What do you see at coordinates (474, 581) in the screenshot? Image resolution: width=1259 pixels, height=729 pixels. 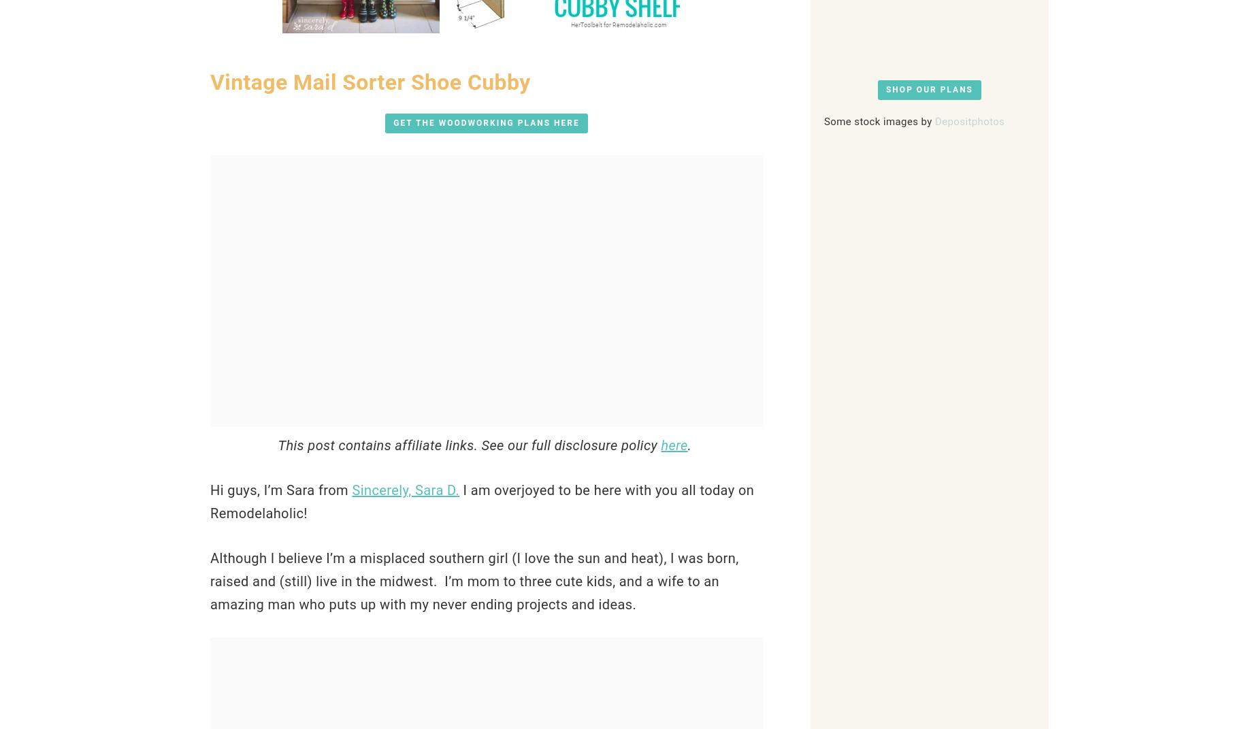 I see `'Although I believe I’m a misplaced southern girl (I love the sun and heat), I was born, raised and (still) live in the midwest.  I’m mom to three cute kids, and a wife to an amazing man who puts up with my never ending projects and ideas.'` at bounding box center [474, 581].